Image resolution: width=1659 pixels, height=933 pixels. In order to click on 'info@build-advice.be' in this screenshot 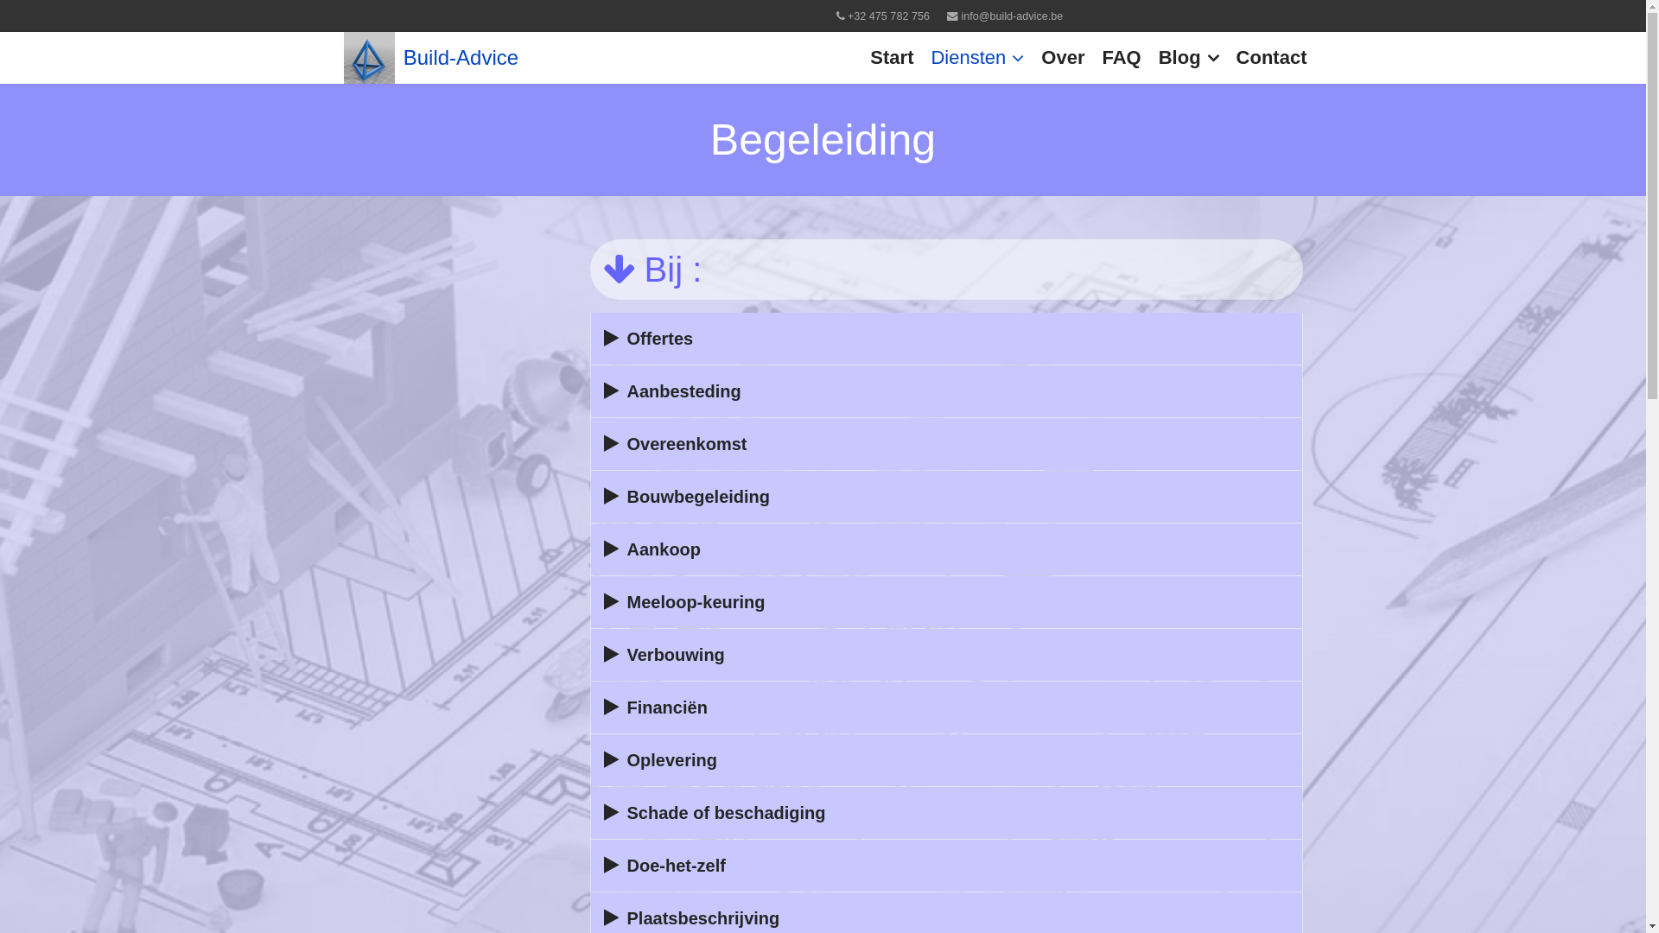, I will do `click(960, 16)`.